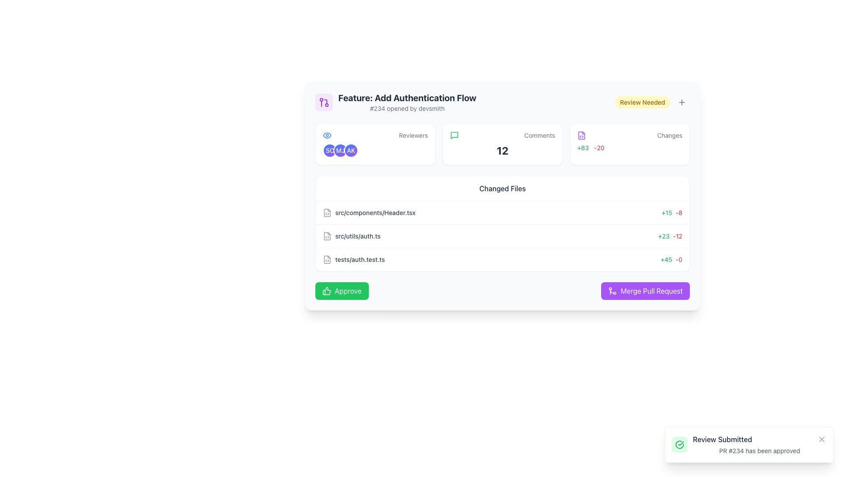 The height and width of the screenshot is (477, 848). I want to click on the informational box titled 'Changed Files' that contains a list of file paths and changes, styled with rounded edges and a subtle shadow effect, so click(502, 223).